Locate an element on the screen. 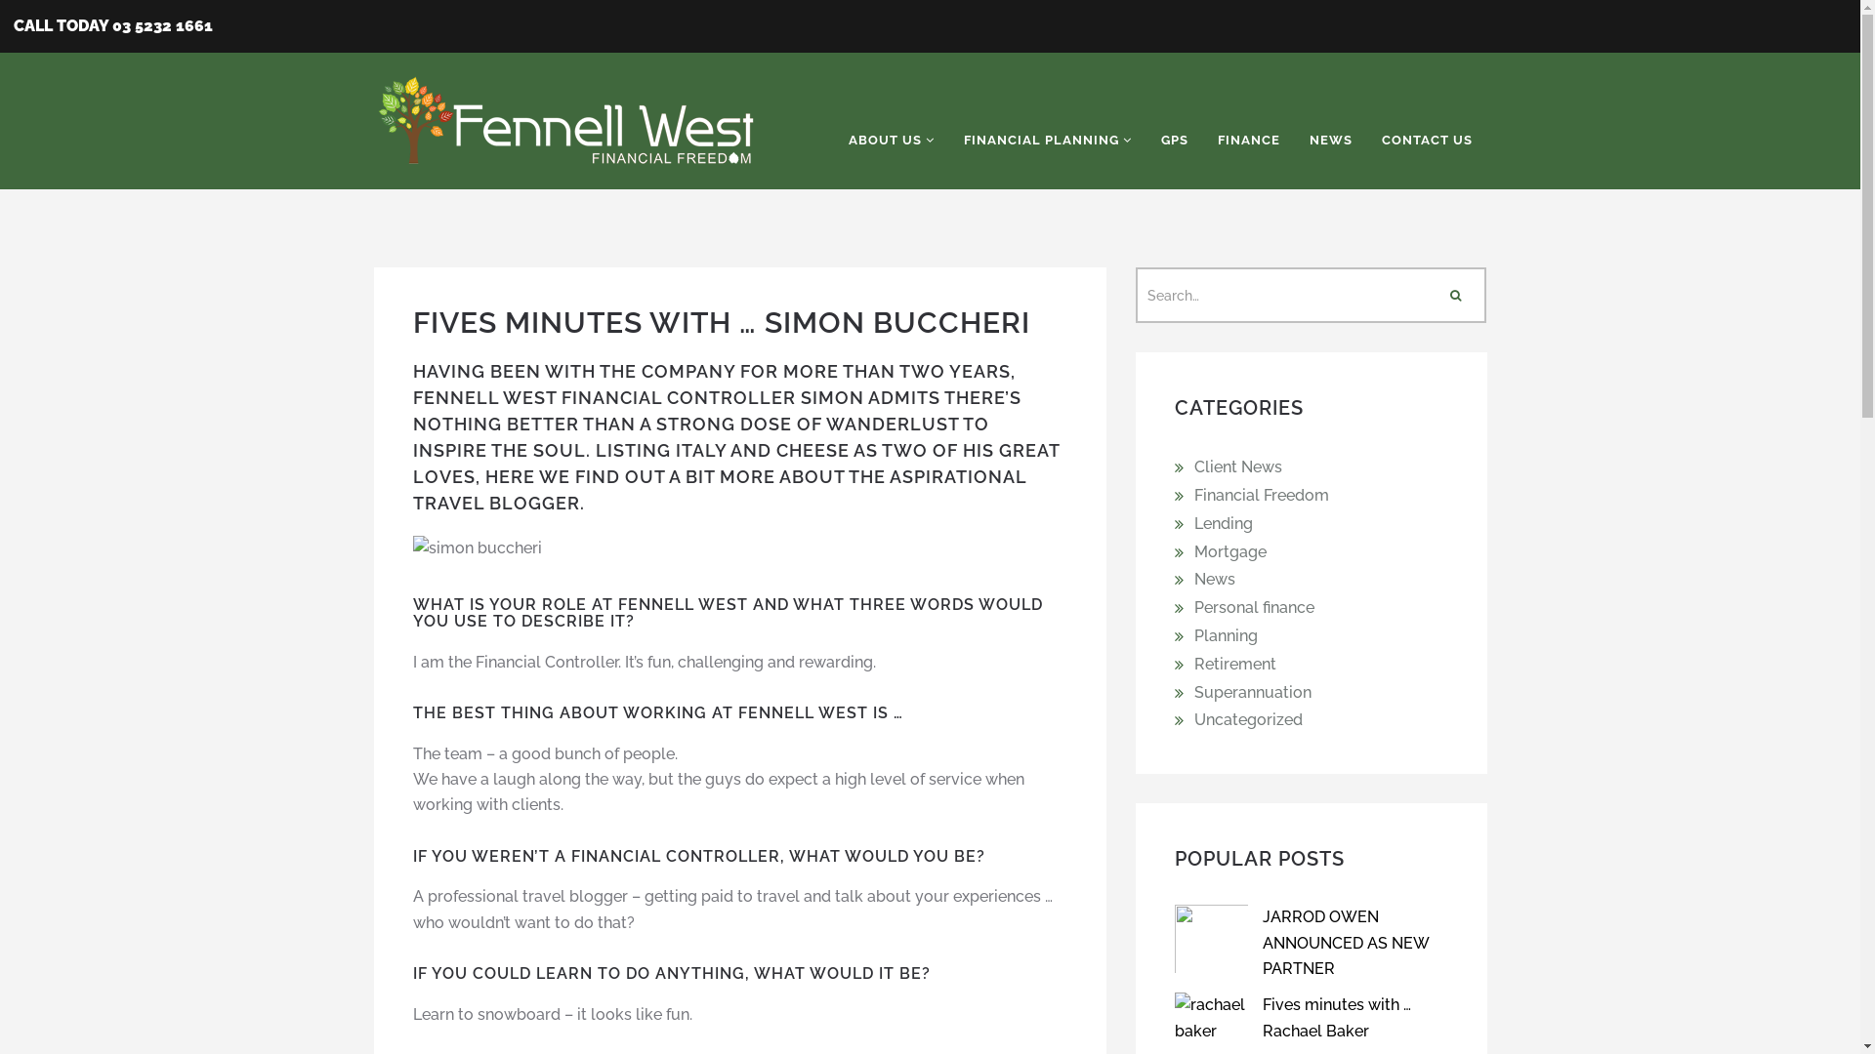 Image resolution: width=1875 pixels, height=1054 pixels. 'Superannuation' is located at coordinates (1251, 691).